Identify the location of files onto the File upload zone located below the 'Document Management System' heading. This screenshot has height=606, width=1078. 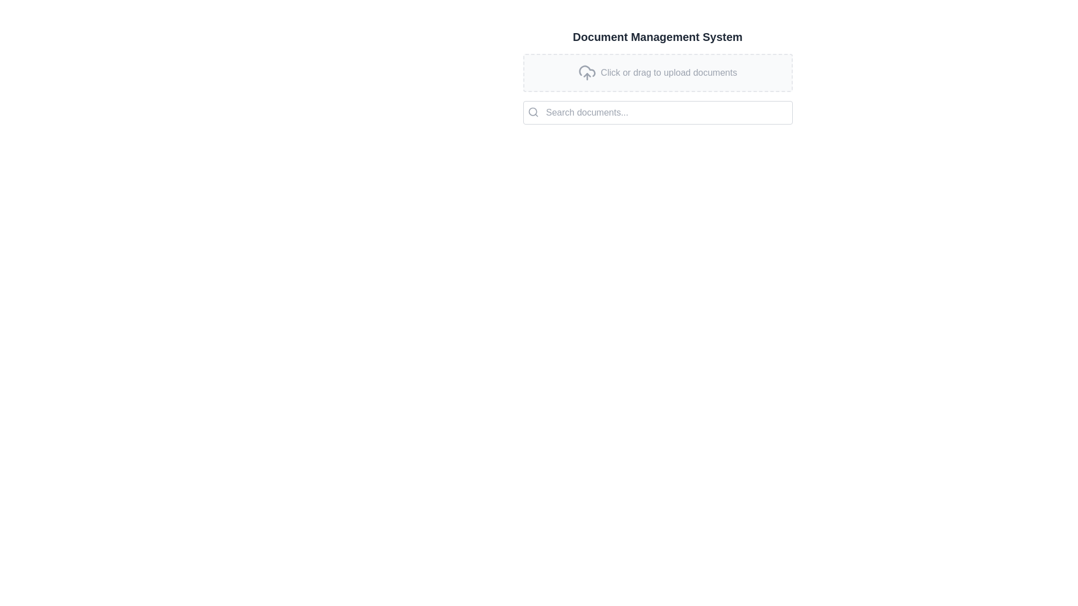
(657, 81).